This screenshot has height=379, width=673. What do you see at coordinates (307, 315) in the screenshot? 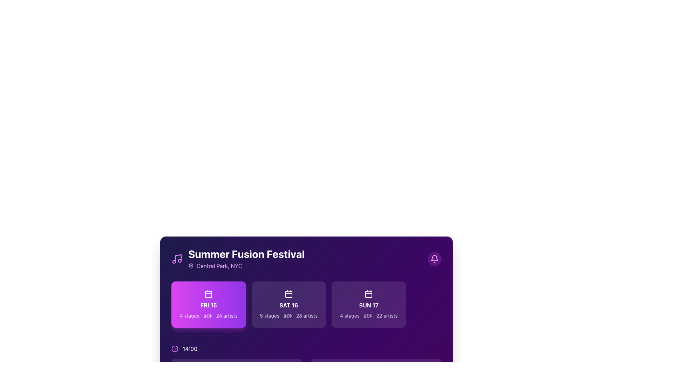
I see `the text label displaying '28 artists' which is located within the 'SAT 16' card, following the '5 stages' label and a dot separator` at bounding box center [307, 315].